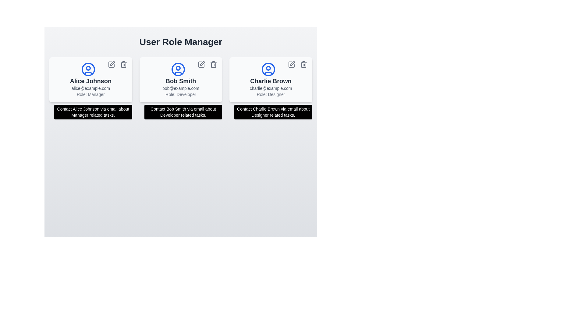 The width and height of the screenshot is (585, 329). I want to click on the delete button (SVG-based icon) located in the top-right corner of the 'Charlie Brown' card, so click(304, 65).